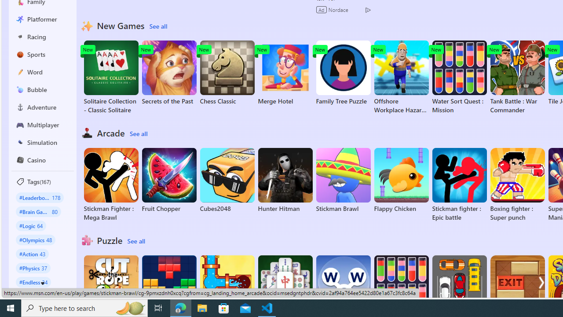 The image size is (563, 317). Describe the element at coordinates (459, 184) in the screenshot. I see `'Stickman fighter : Epic battle'` at that location.